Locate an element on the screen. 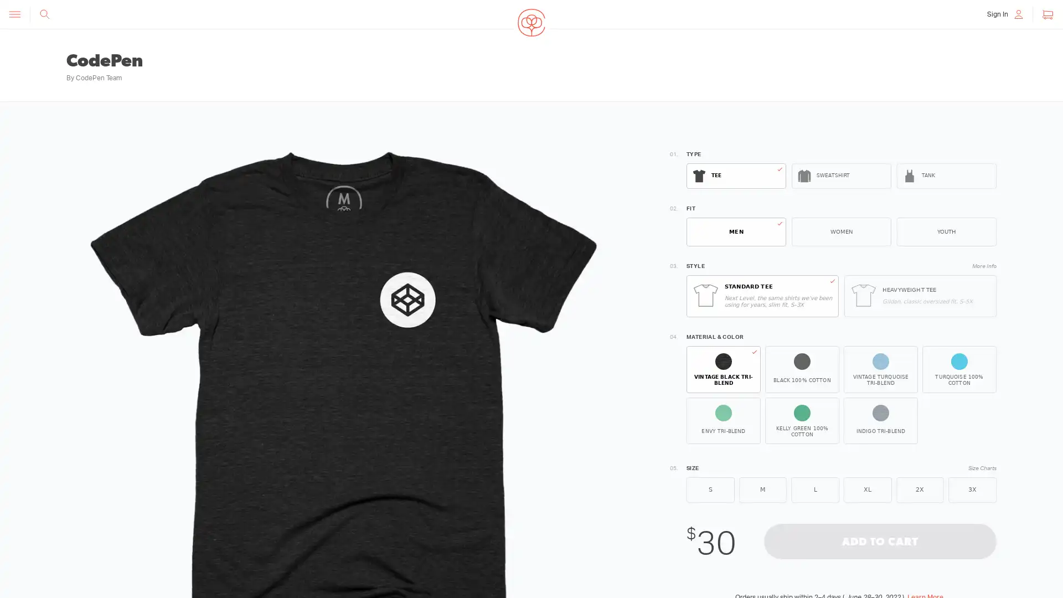 The height and width of the screenshot is (598, 1063). KELLY GREEN 100% COTTON is located at coordinates (802, 420).